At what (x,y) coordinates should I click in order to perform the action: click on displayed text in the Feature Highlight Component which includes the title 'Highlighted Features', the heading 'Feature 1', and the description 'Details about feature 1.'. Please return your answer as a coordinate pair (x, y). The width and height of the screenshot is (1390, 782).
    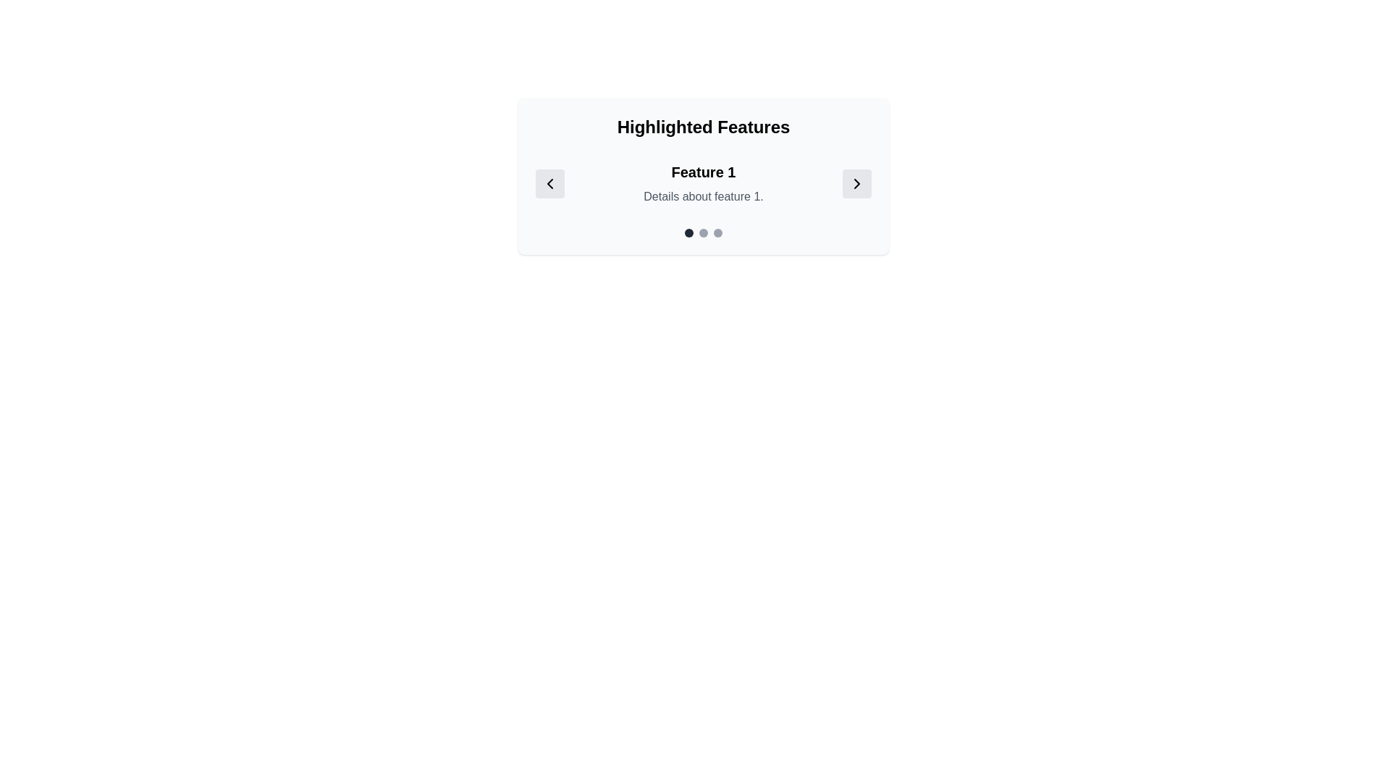
    Looking at the image, I should click on (703, 175).